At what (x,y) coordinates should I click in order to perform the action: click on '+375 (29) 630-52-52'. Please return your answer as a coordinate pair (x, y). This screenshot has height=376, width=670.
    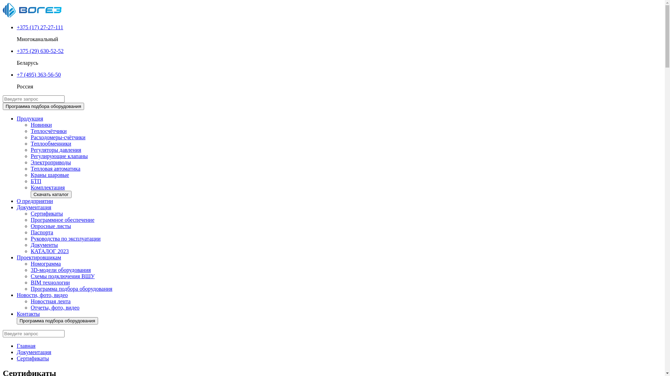
    Looking at the image, I should click on (40, 50).